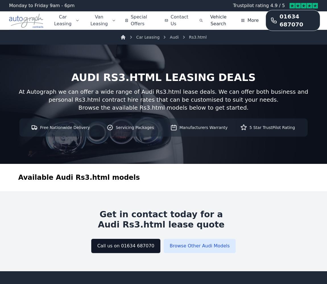 The image size is (327, 284). What do you see at coordinates (179, 20) in the screenshot?
I see `'Contact Us'` at bounding box center [179, 20].